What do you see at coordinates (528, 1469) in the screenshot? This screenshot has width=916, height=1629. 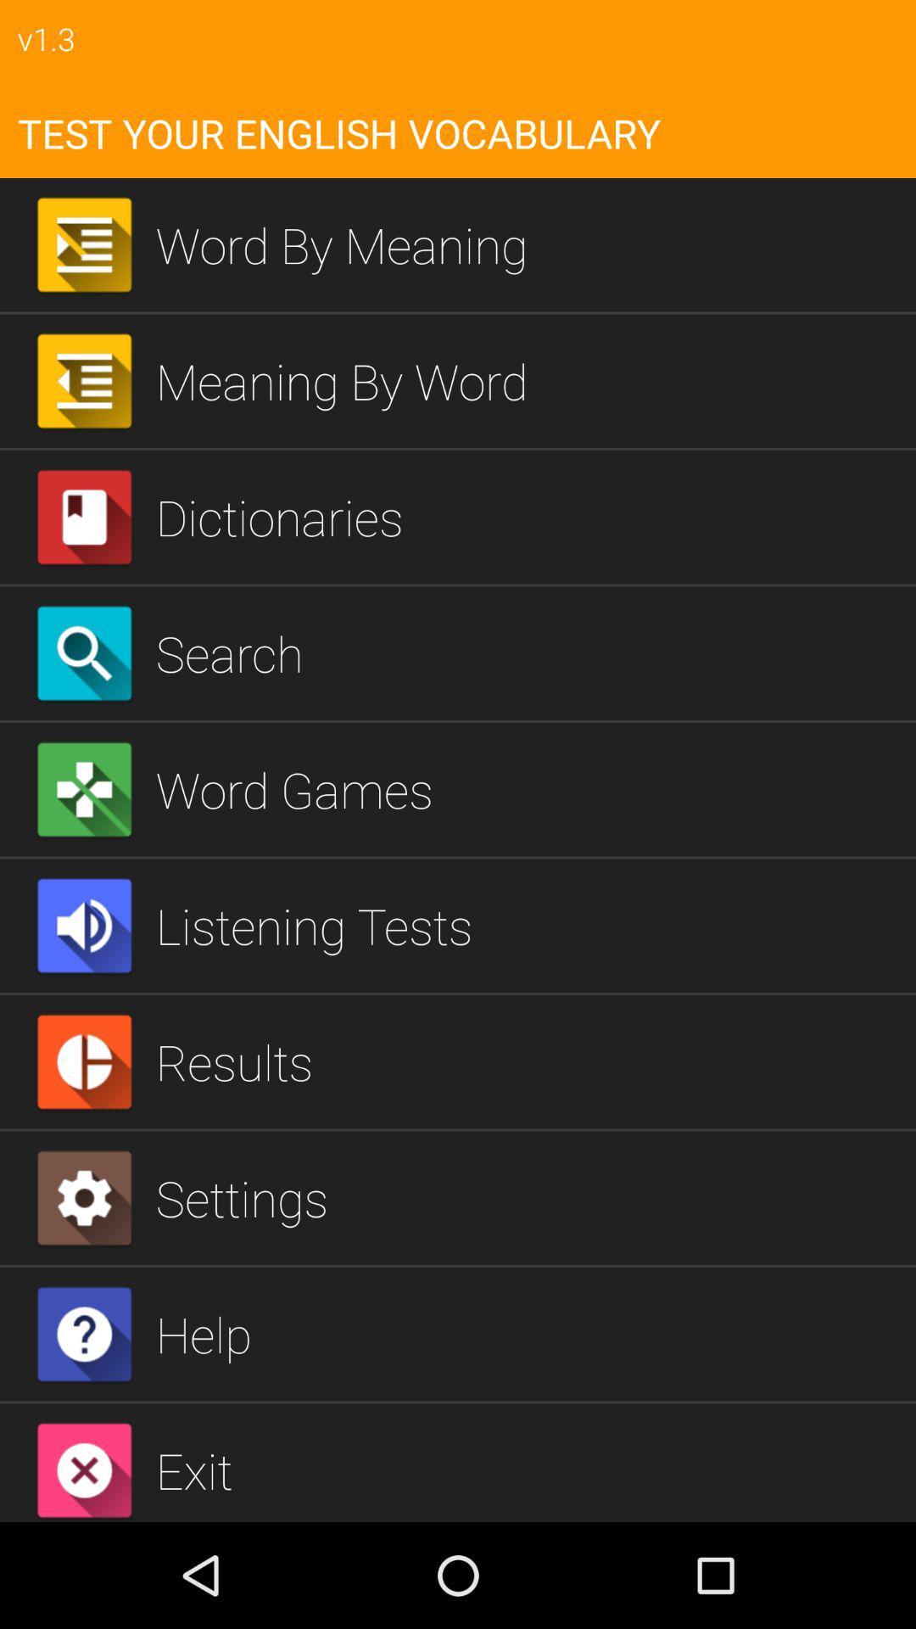 I see `icon below help` at bounding box center [528, 1469].